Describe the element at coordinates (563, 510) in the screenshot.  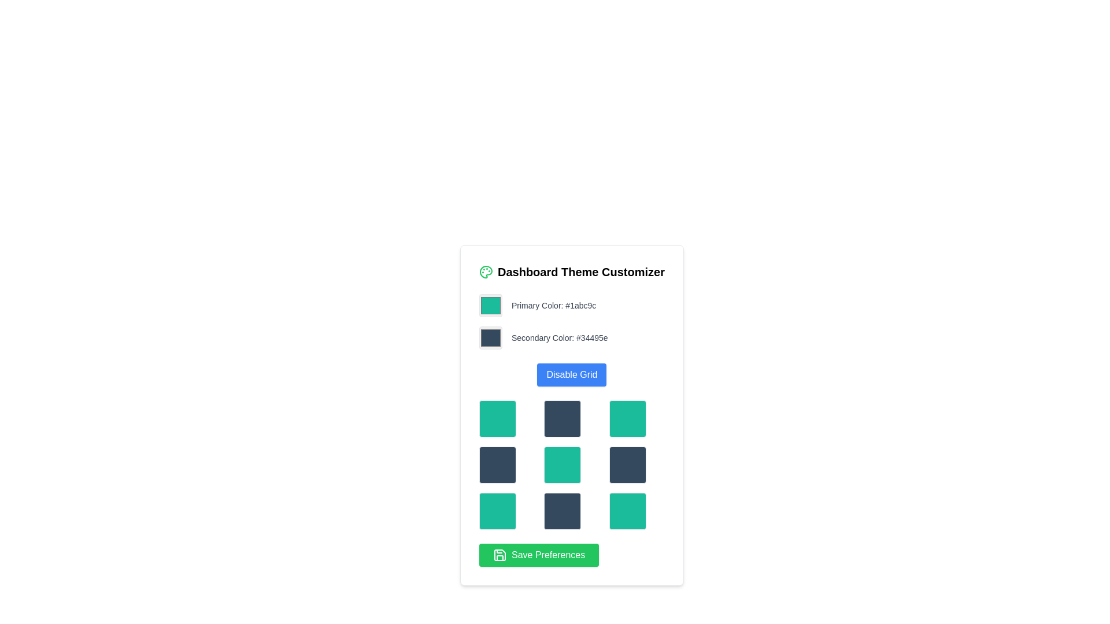
I see `the interactive visual block in the middle column of the bottom row of the grid, positioned between the 'Disable Grid' button and the 'Save Preferences' button` at that location.